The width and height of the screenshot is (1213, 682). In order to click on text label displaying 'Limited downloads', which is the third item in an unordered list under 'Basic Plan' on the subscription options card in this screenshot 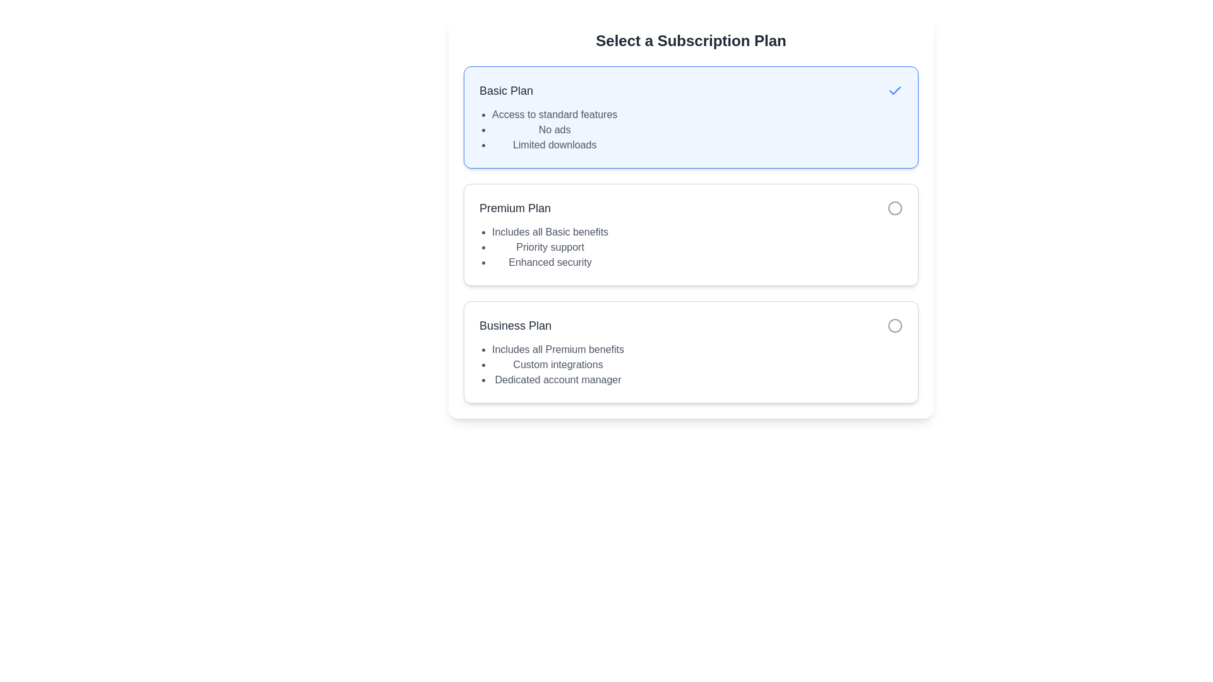, I will do `click(555, 145)`.